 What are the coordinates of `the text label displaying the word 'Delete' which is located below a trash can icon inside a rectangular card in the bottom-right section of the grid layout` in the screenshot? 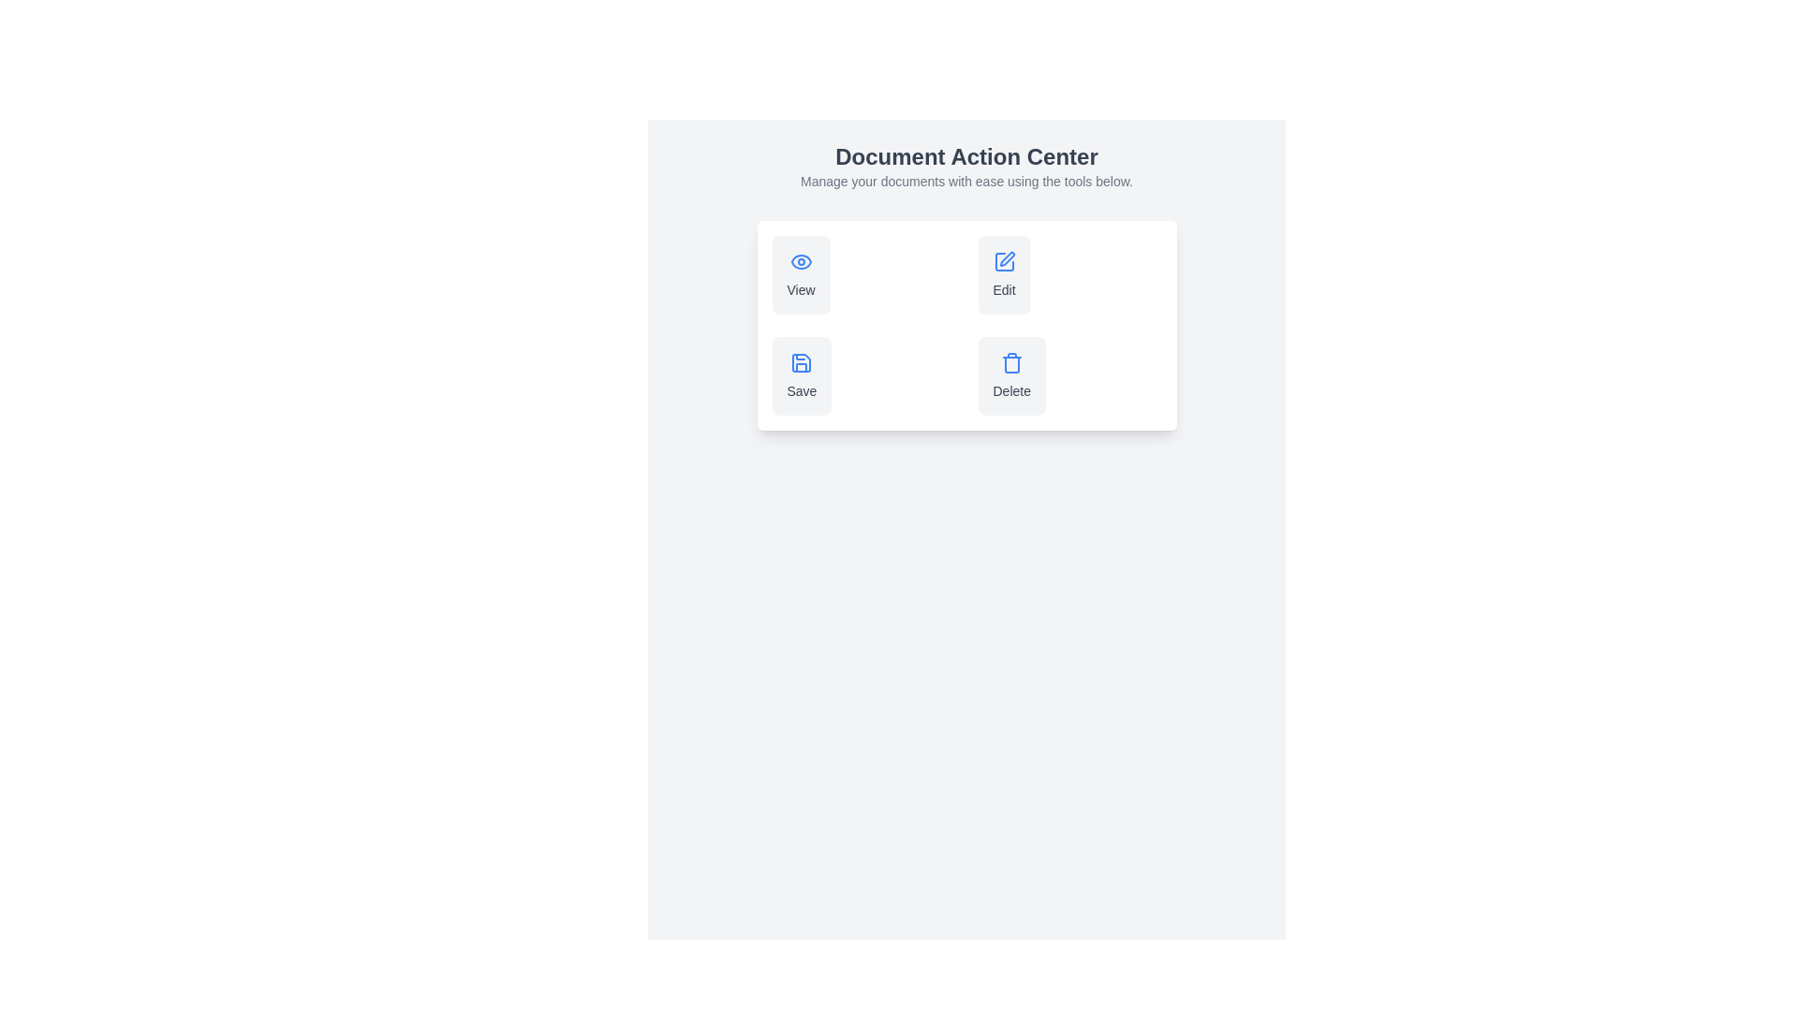 It's located at (1010, 389).